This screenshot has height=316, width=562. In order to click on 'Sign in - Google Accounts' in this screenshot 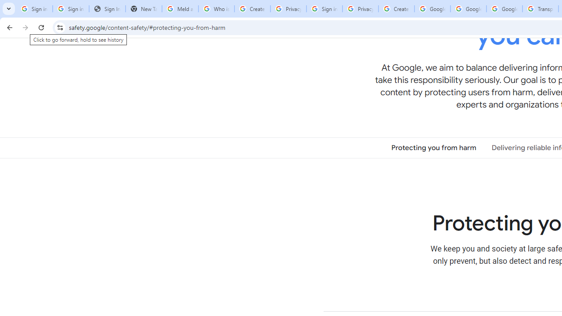, I will do `click(324, 9)`.